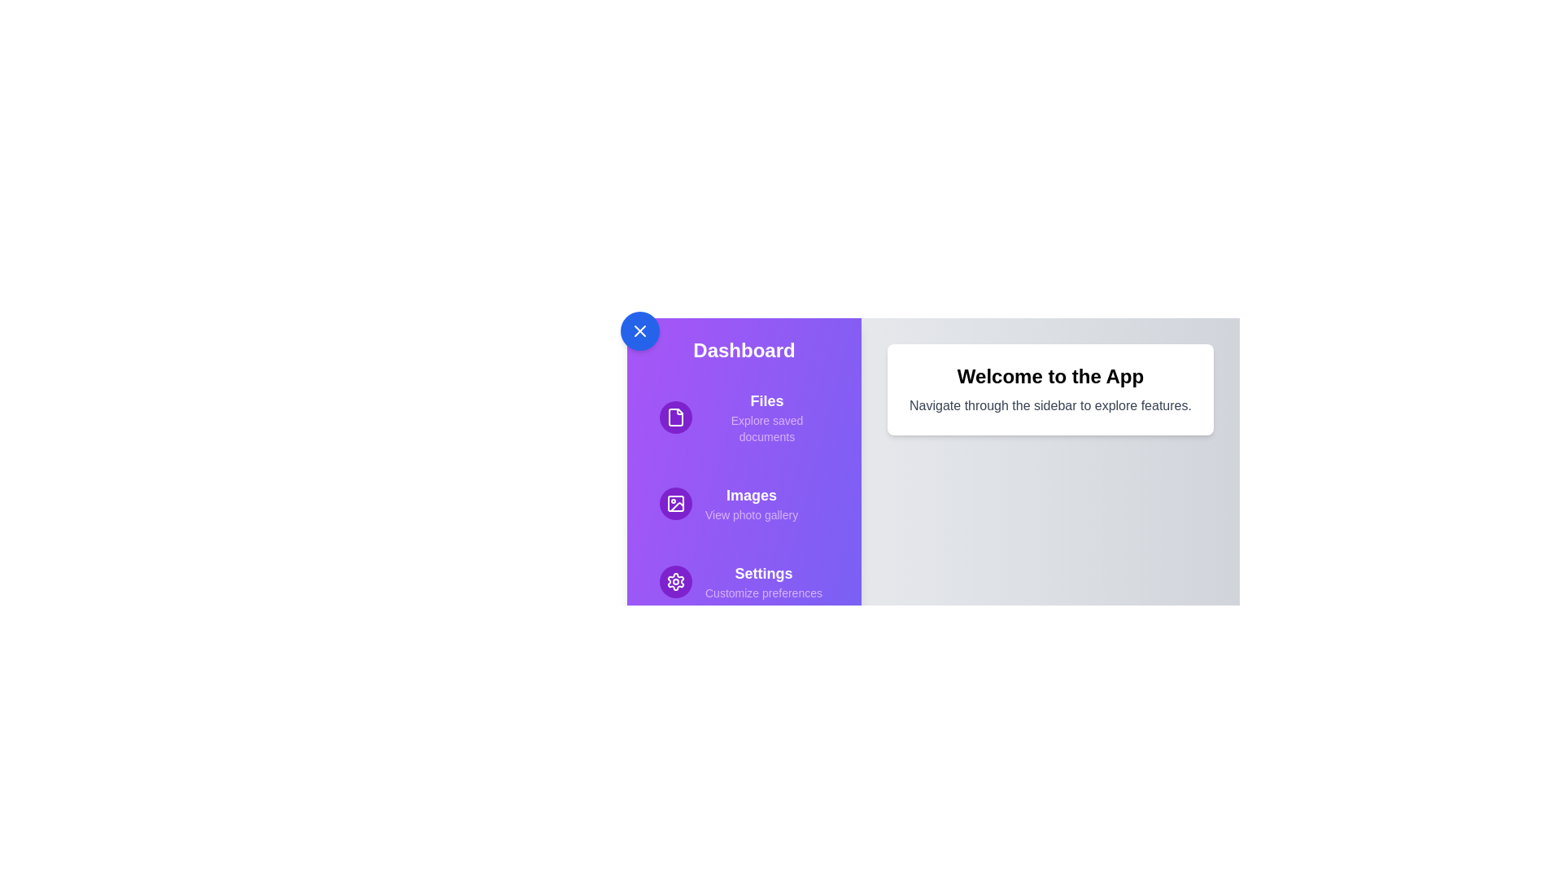 The image size is (1562, 879). I want to click on the menu item Images in the sidebar, so click(744, 502).